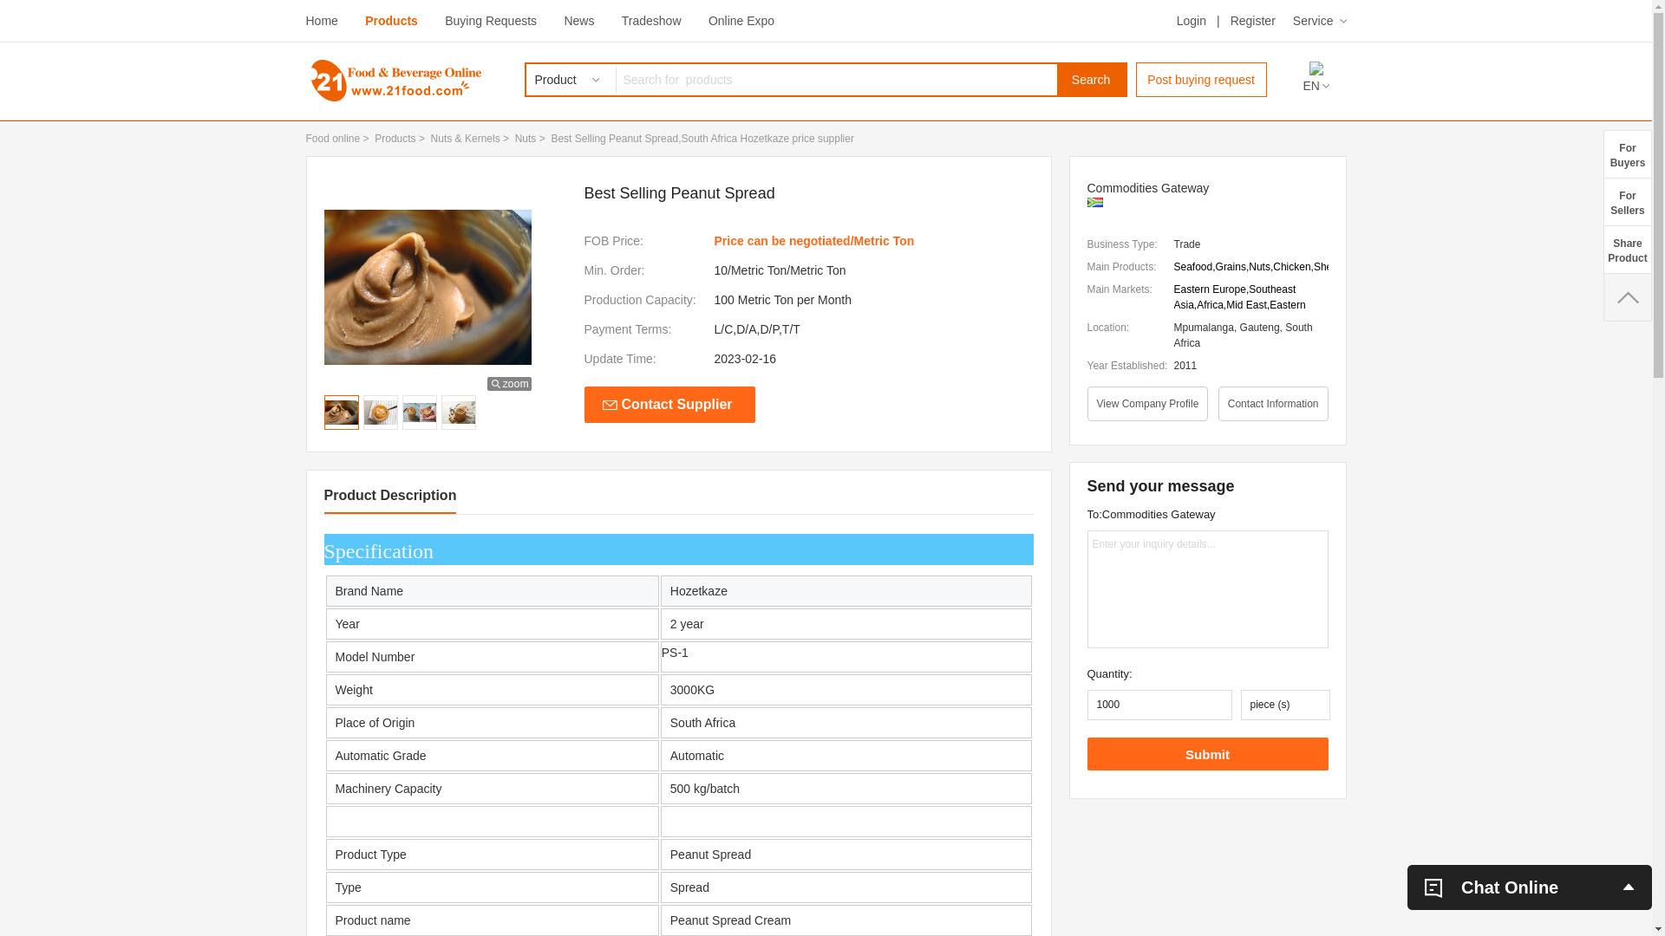 This screenshot has height=936, width=1665. I want to click on 'Service', so click(1293, 20).